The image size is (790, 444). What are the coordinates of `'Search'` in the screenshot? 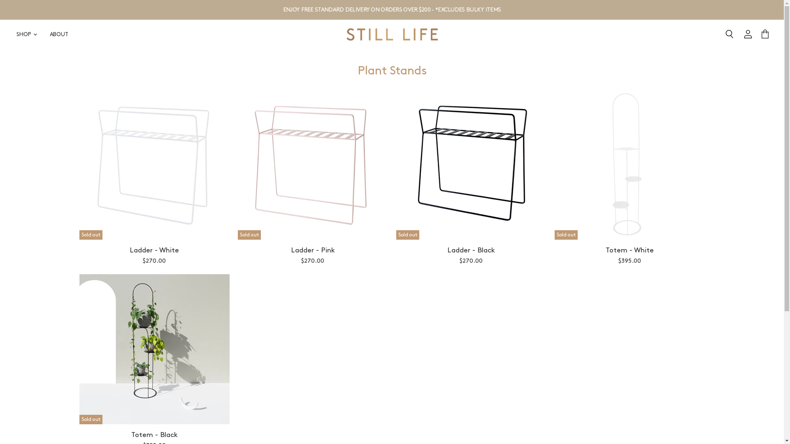 It's located at (719, 34).